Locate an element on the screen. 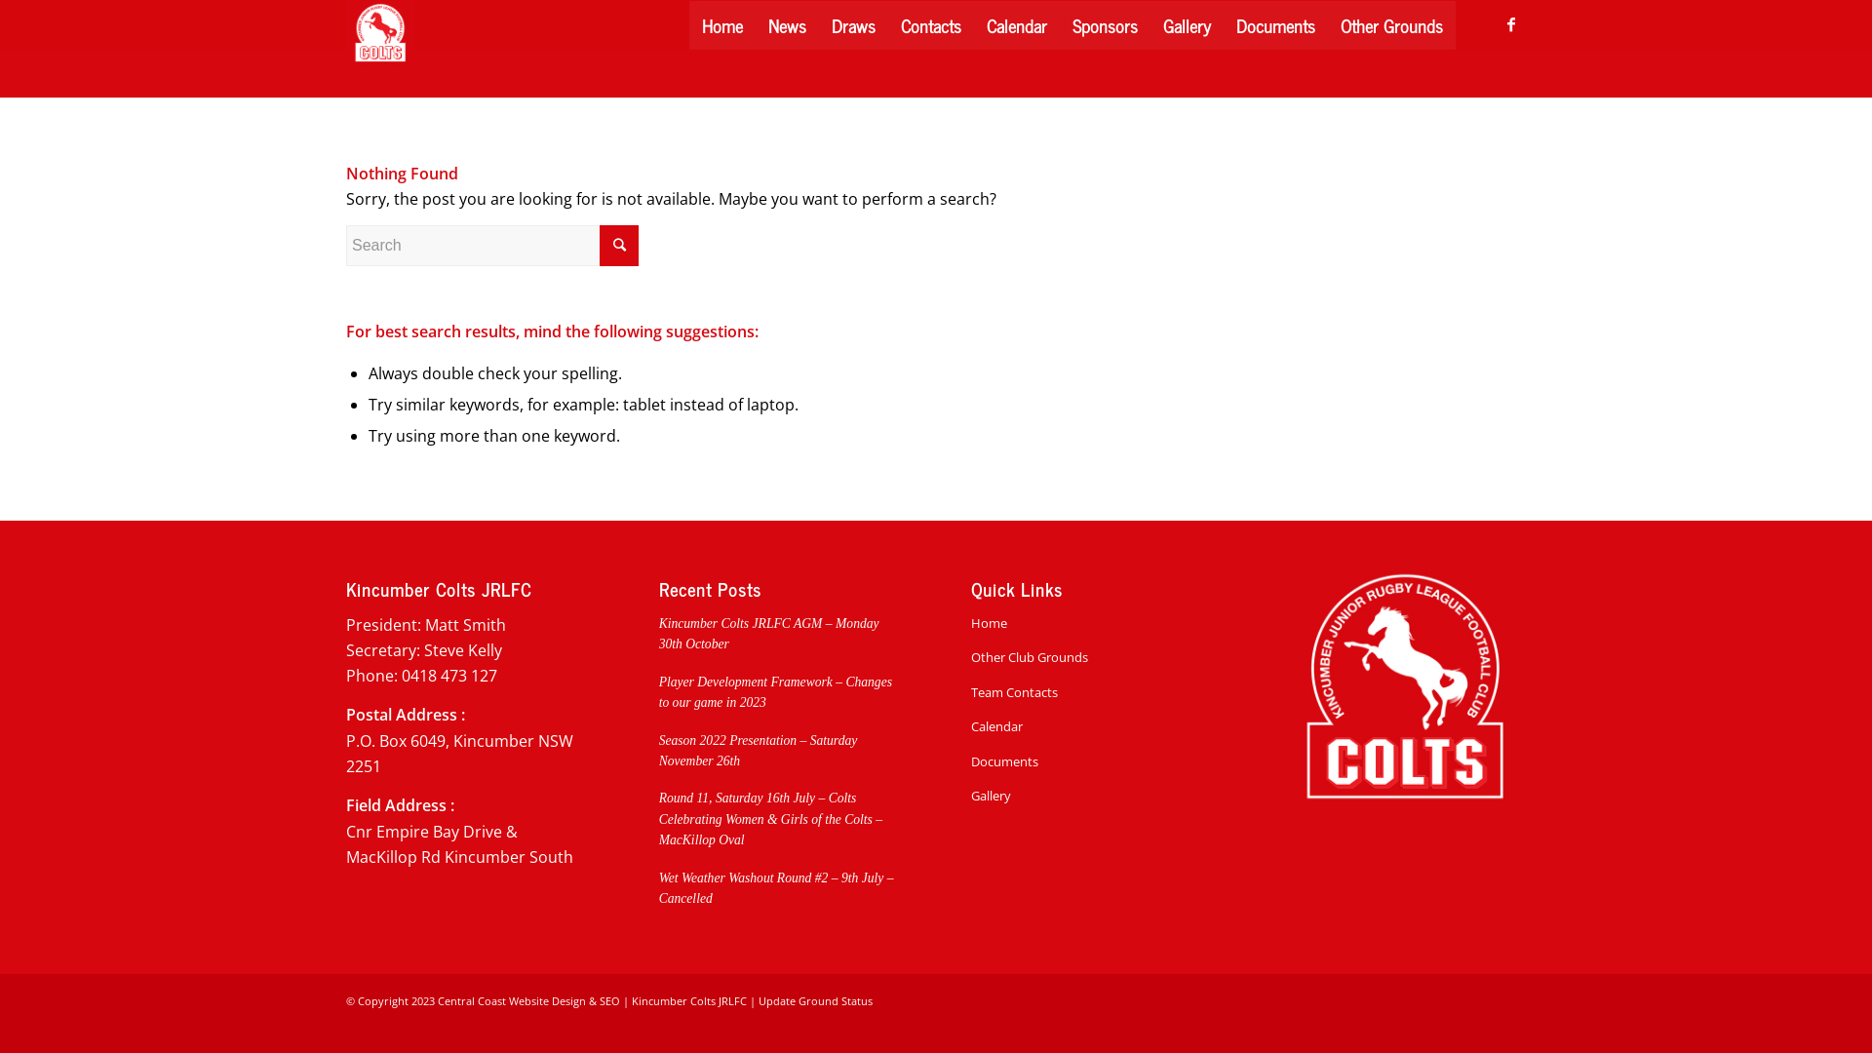 The width and height of the screenshot is (1872, 1053). 'Other Grounds' is located at coordinates (1390, 25).